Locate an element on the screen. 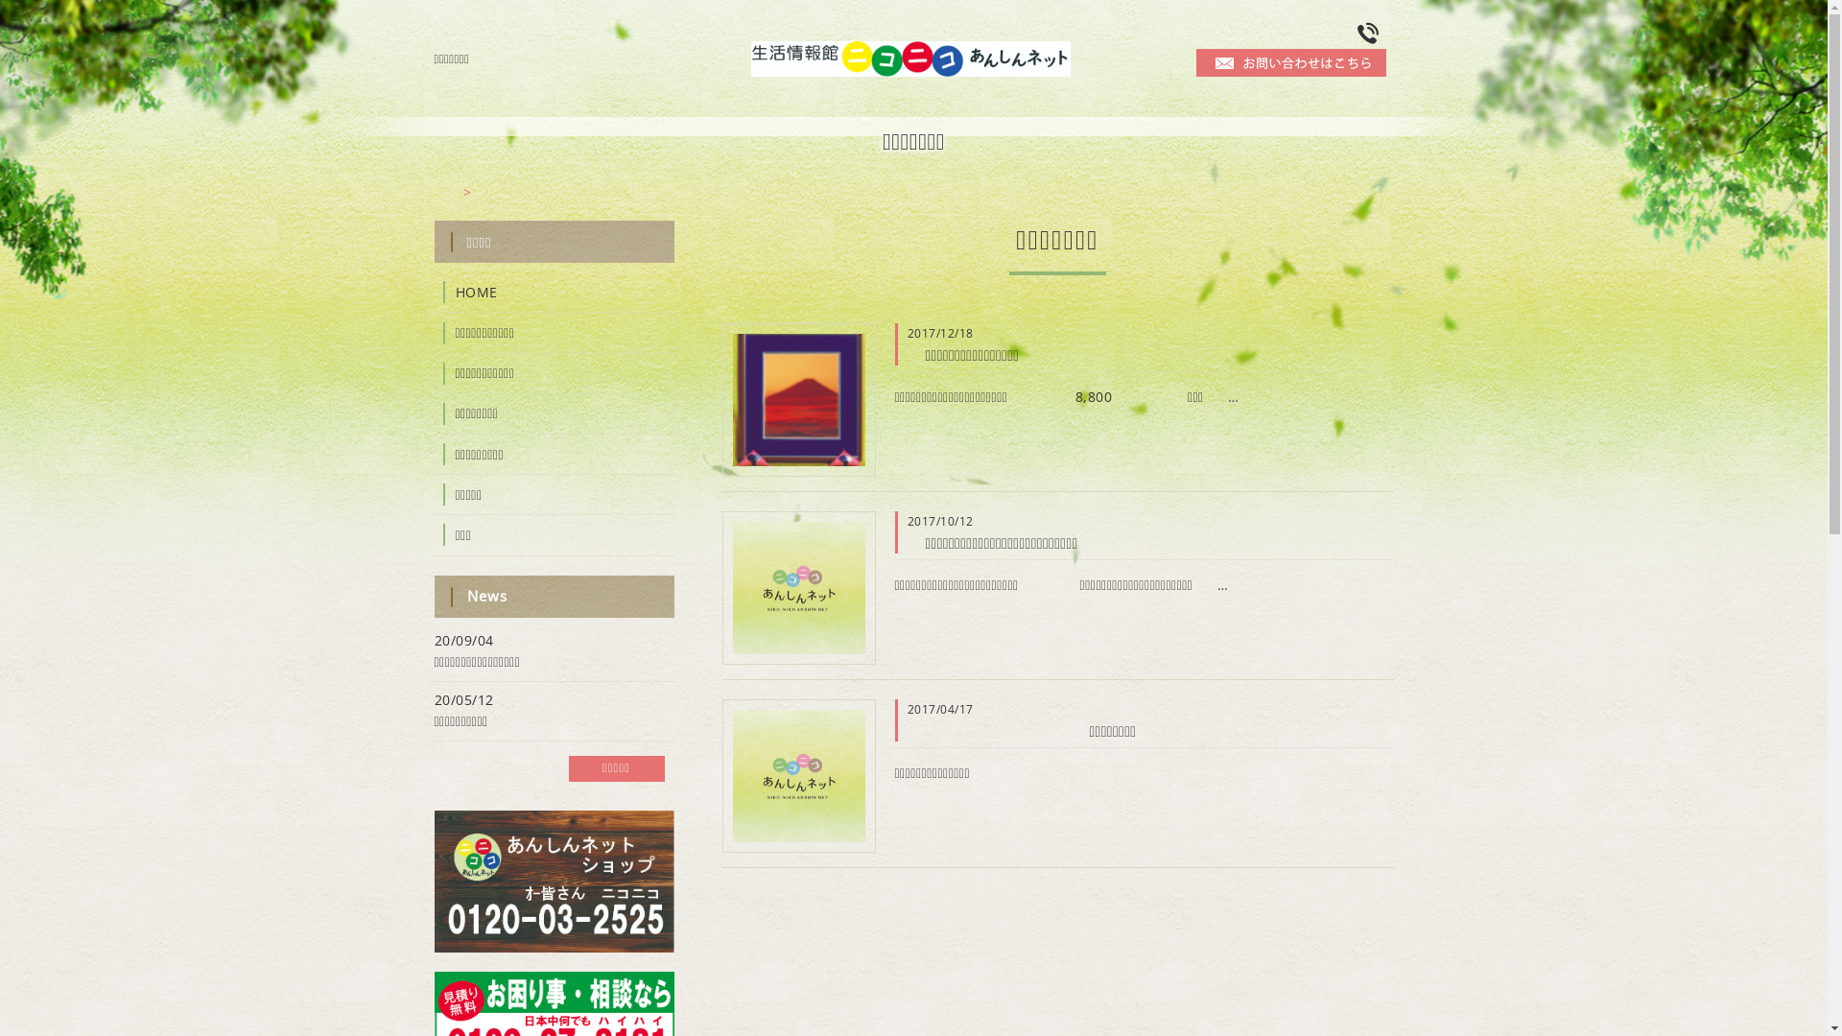  'HOME' is located at coordinates (432, 292).